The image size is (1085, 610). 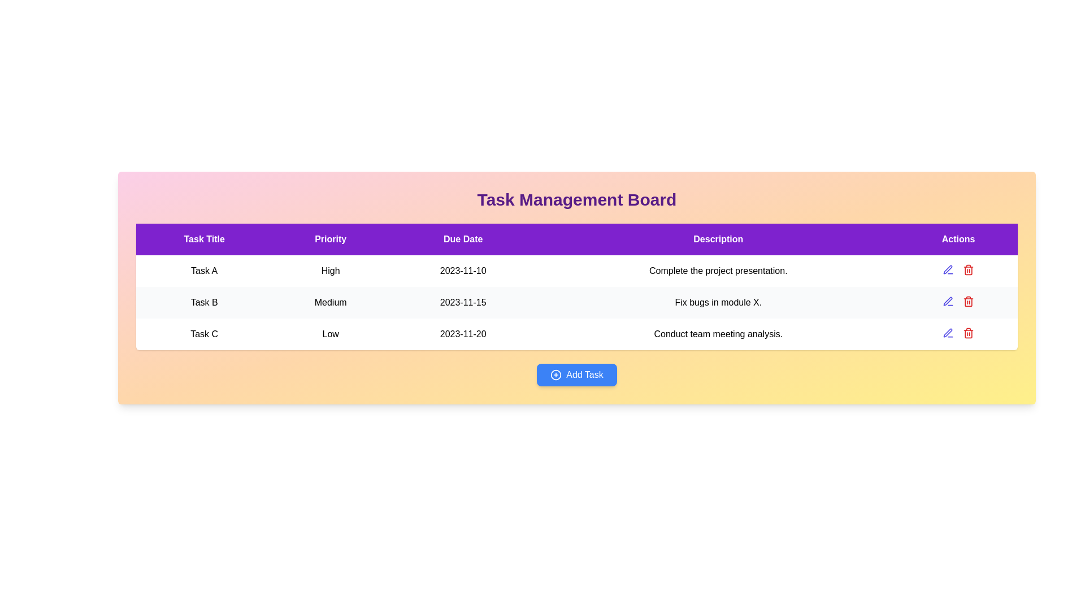 I want to click on the Text label in the 'Description' column for 'Task B' located in the fourth column of the second row of the table, so click(x=718, y=302).